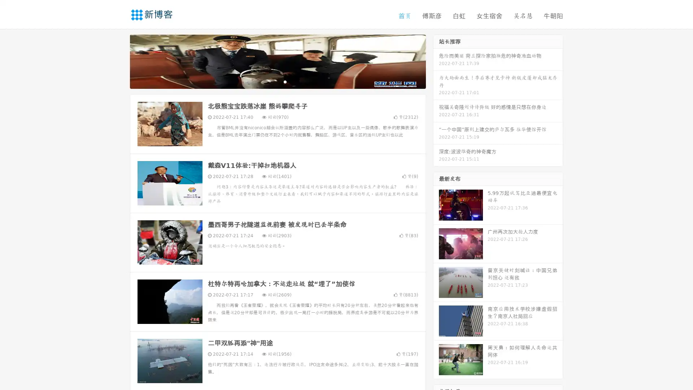 This screenshot has width=693, height=390. Describe the element at coordinates (119, 61) in the screenshot. I see `Previous slide` at that location.